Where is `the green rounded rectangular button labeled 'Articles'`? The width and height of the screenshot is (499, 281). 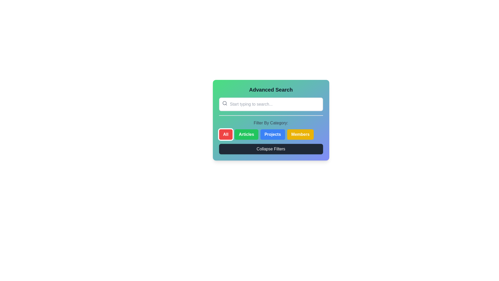
the green rounded rectangular button labeled 'Articles' is located at coordinates (246, 134).